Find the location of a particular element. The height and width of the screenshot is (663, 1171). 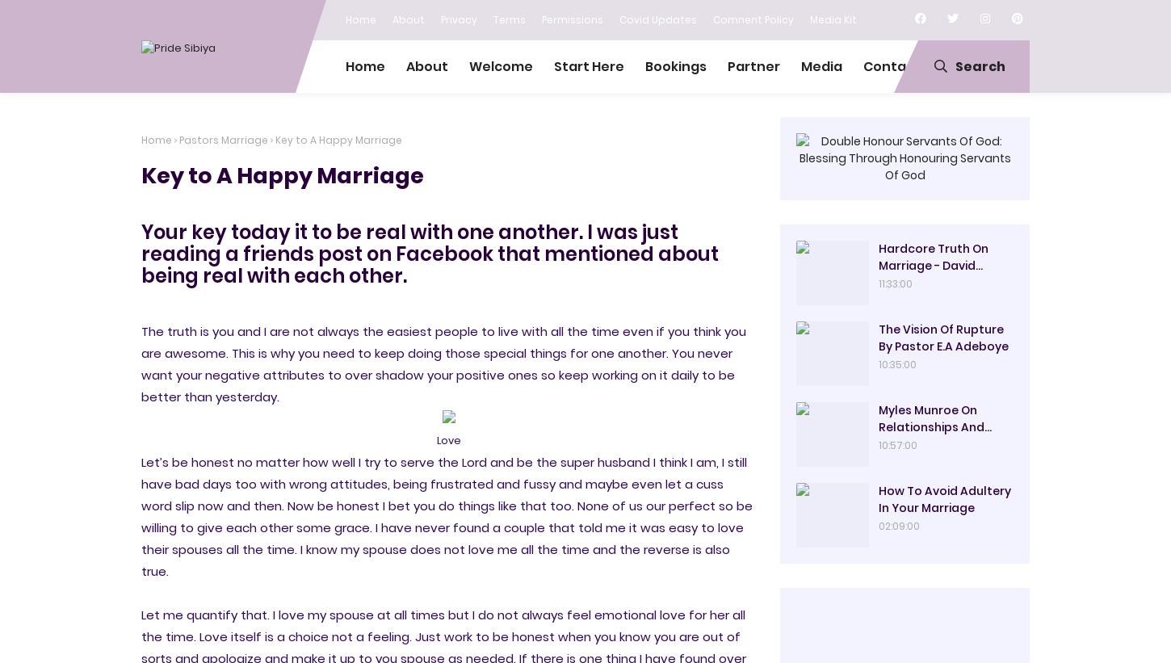

'Pastors Marriage' is located at coordinates (223, 140).